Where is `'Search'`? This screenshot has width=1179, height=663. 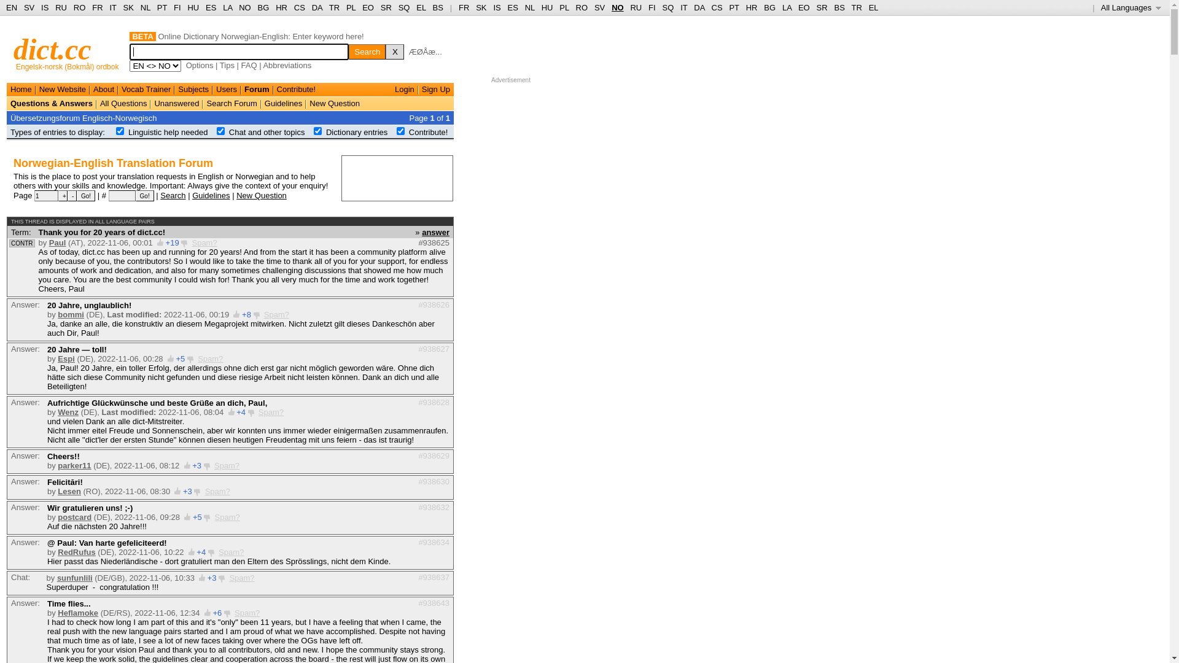 'Search' is located at coordinates (172, 194).